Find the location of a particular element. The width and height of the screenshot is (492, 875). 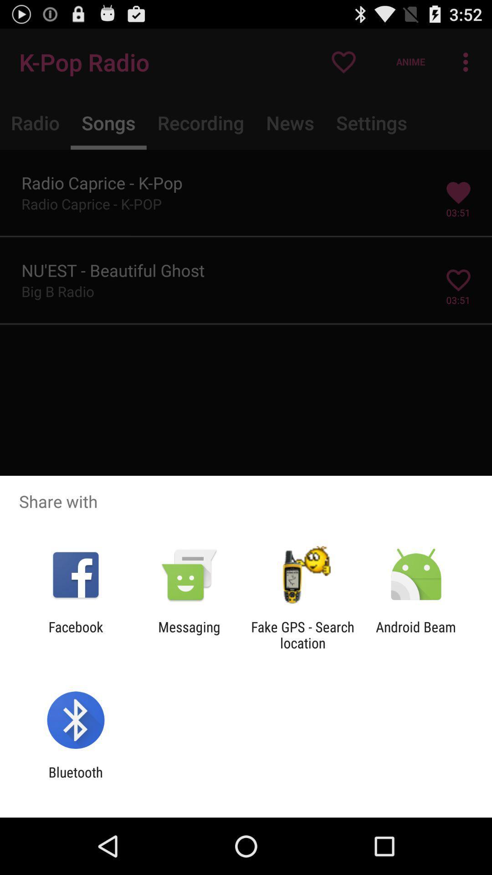

the app at the bottom right corner is located at coordinates (416, 634).